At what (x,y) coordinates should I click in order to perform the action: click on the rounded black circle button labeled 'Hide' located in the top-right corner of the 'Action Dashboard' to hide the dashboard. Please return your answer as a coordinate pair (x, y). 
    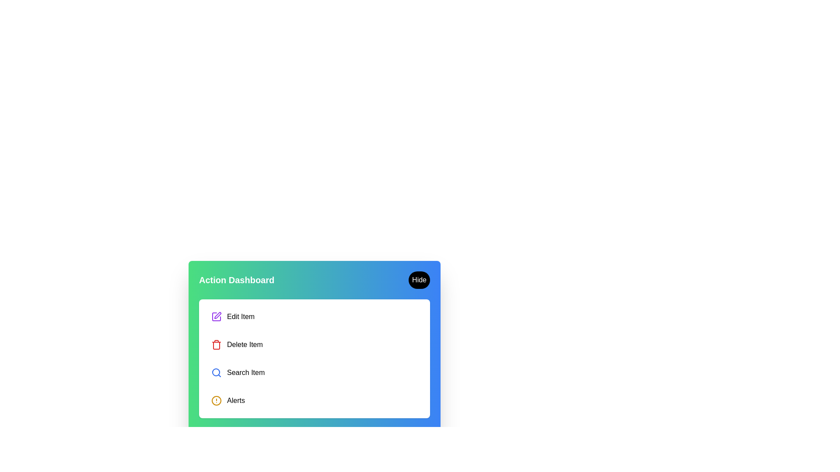
    Looking at the image, I should click on (419, 280).